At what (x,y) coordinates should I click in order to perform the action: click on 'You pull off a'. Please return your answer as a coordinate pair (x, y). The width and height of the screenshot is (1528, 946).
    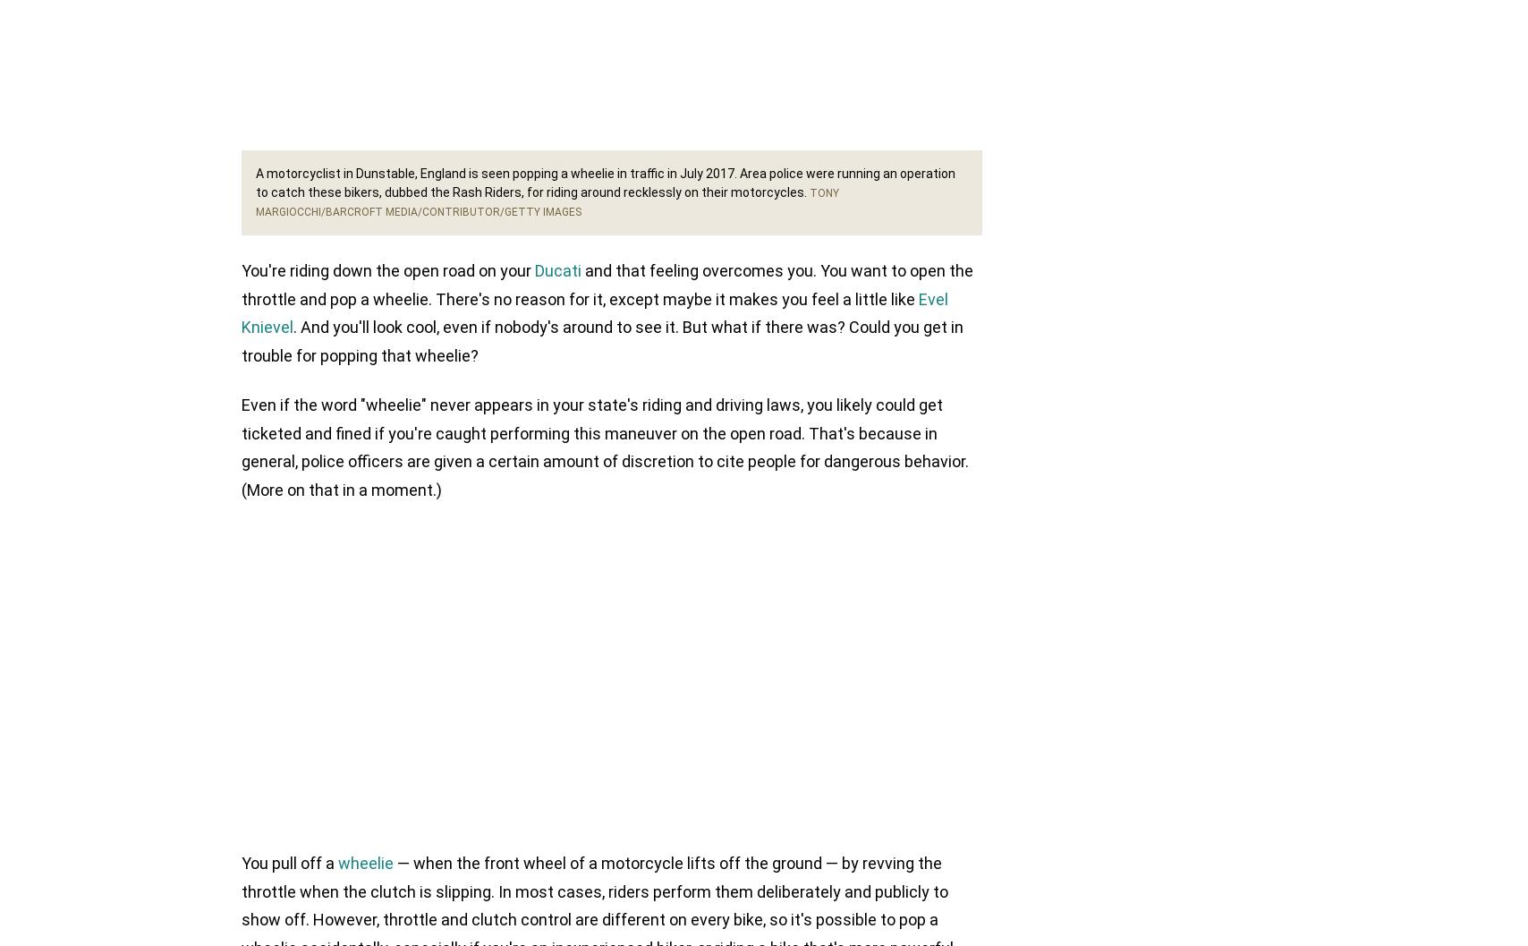
    Looking at the image, I should click on (242, 863).